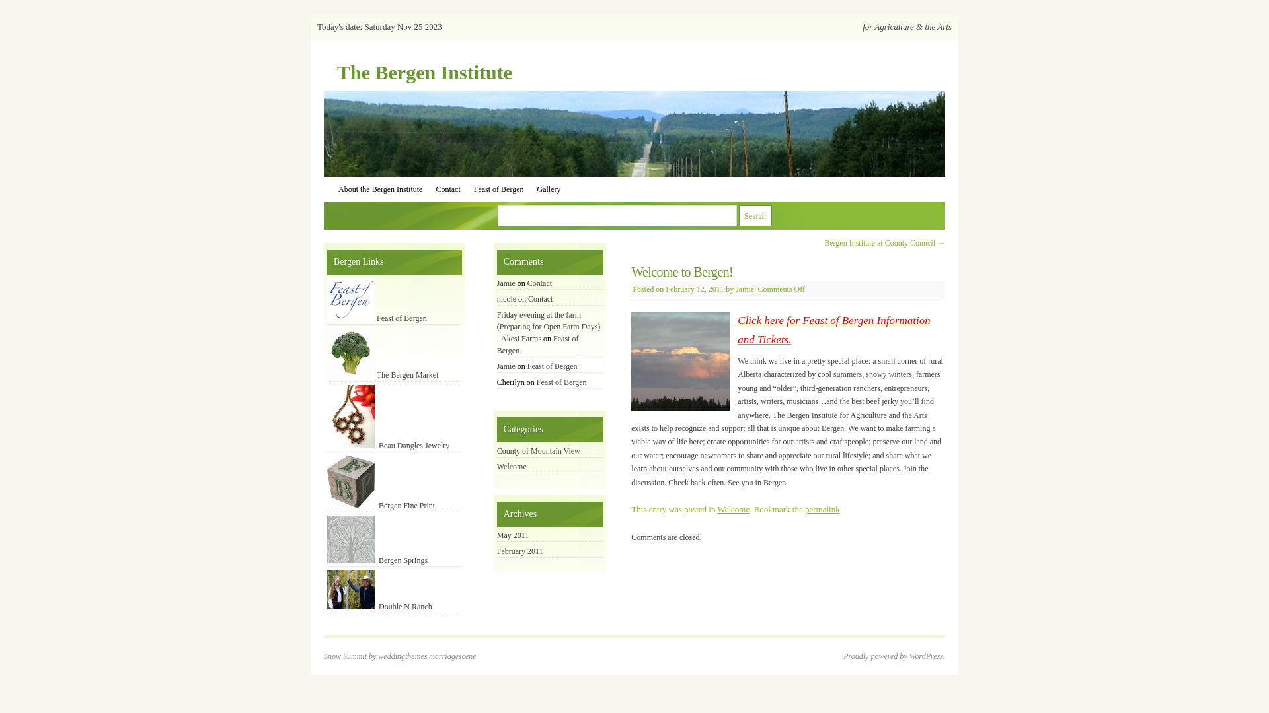  What do you see at coordinates (351, 481) in the screenshot?
I see `'Professional printing in Bergen'` at bounding box center [351, 481].